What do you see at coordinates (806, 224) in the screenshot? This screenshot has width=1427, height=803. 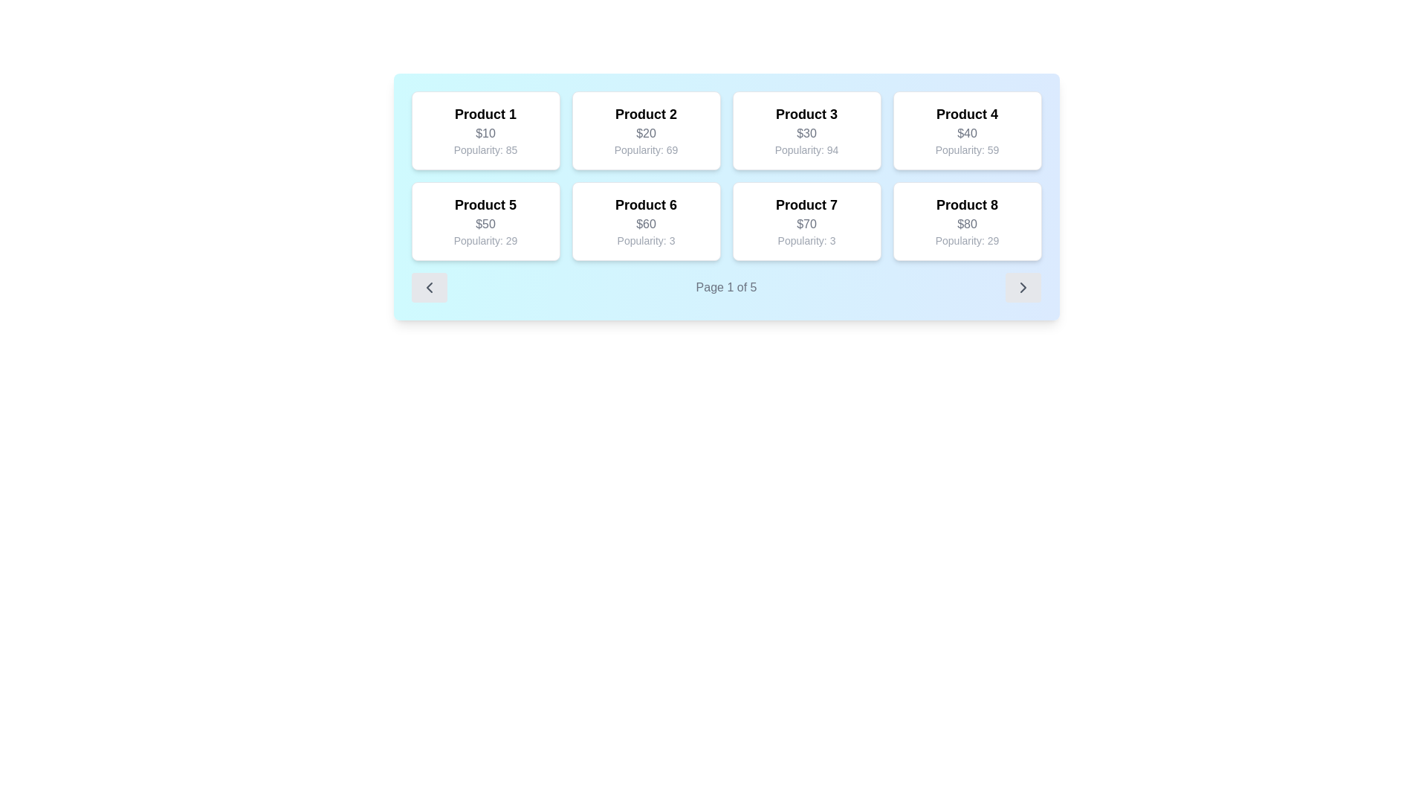 I see `text label displaying the price '$70' located below the product name 'Product 7' in the card layout` at bounding box center [806, 224].